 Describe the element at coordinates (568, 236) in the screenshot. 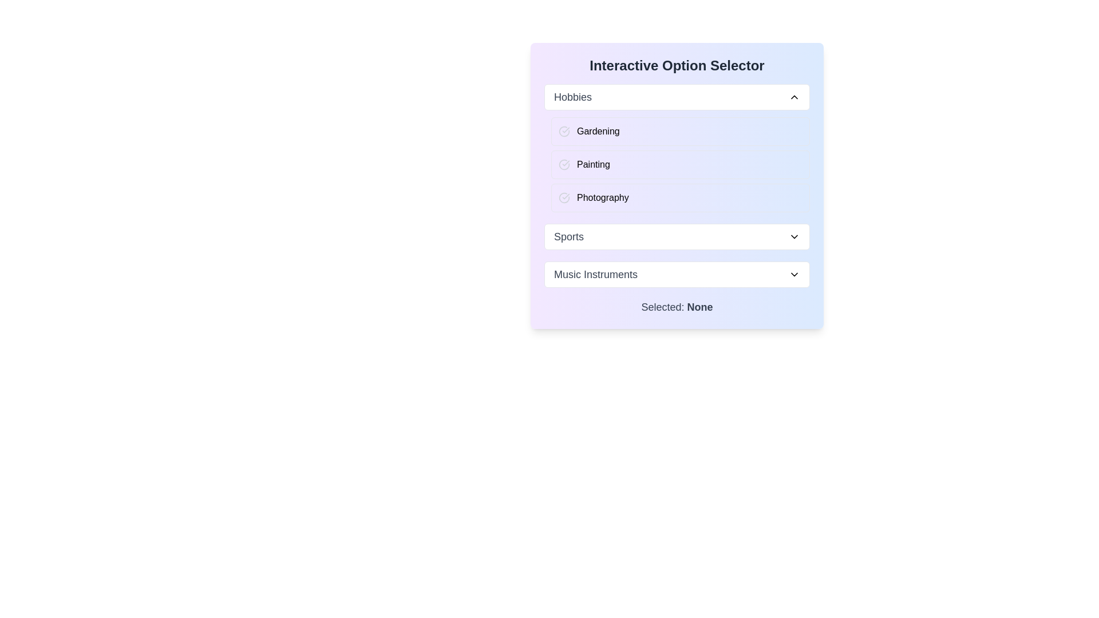

I see `text label displaying 'Sports' in gray color located in the middle section of the dropdown menu interface` at that location.